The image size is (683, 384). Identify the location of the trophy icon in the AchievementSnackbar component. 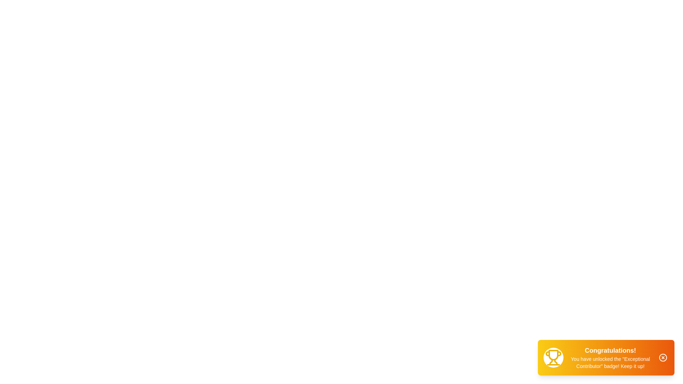
(553, 358).